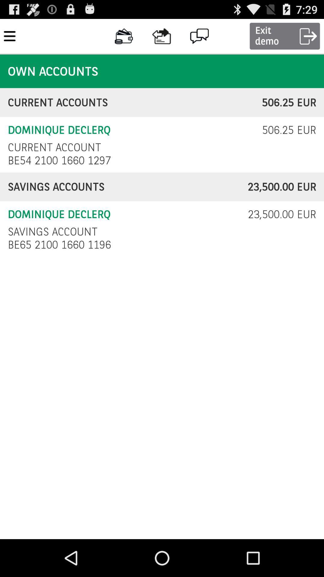 This screenshot has width=324, height=577. Describe the element at coordinates (127, 187) in the screenshot. I see `the savings accounts icon` at that location.